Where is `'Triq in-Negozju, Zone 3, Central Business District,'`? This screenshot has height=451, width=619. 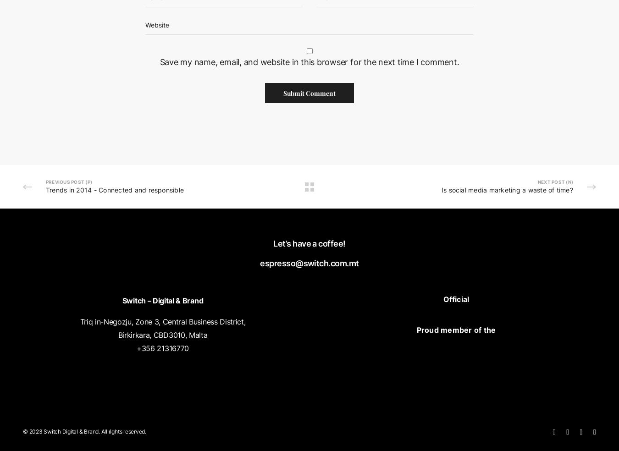 'Triq in-Negozju, Zone 3, Central Business District,' is located at coordinates (162, 321).